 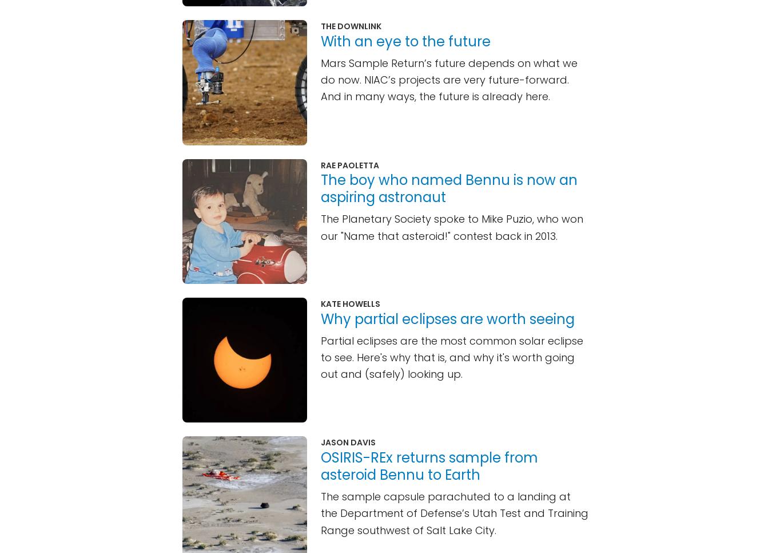 What do you see at coordinates (349, 164) in the screenshot?
I see `'Rae Paoletta'` at bounding box center [349, 164].